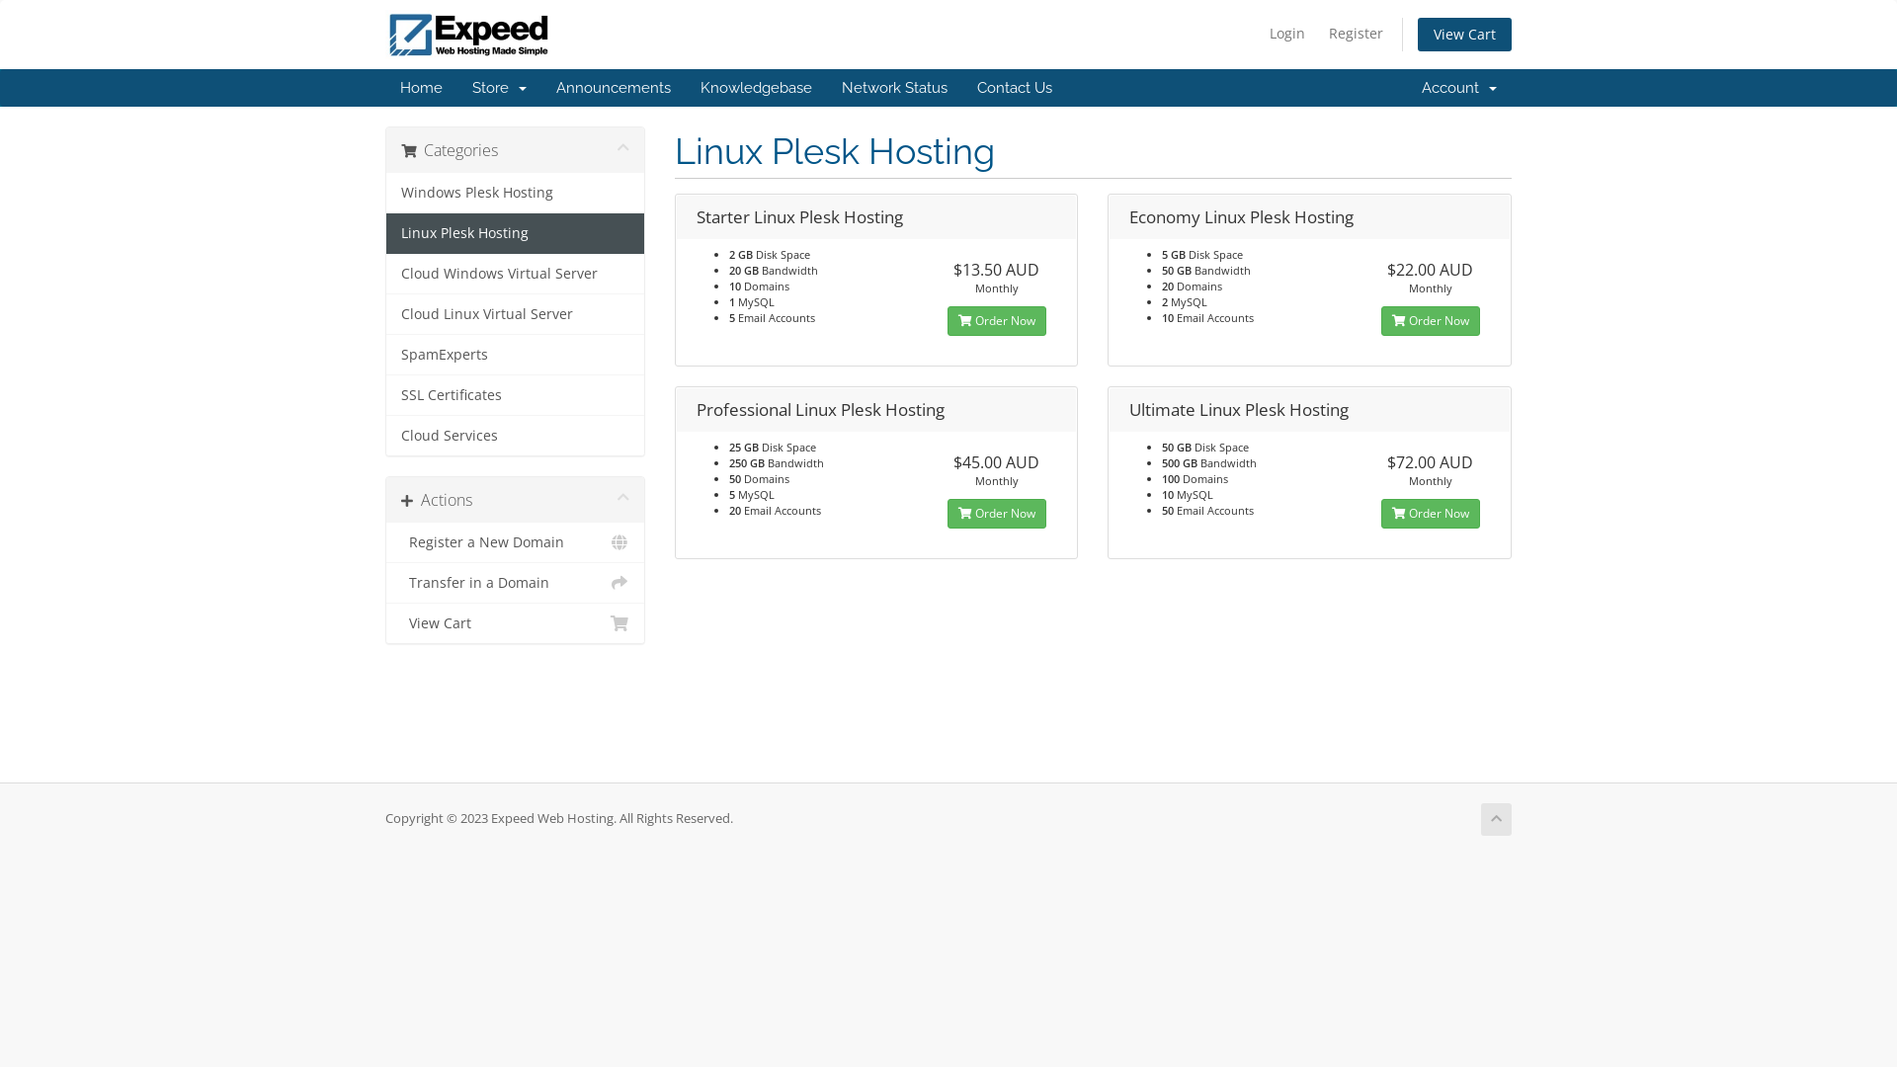  I want to click on 'Linux Plesk Hosting', so click(515, 232).